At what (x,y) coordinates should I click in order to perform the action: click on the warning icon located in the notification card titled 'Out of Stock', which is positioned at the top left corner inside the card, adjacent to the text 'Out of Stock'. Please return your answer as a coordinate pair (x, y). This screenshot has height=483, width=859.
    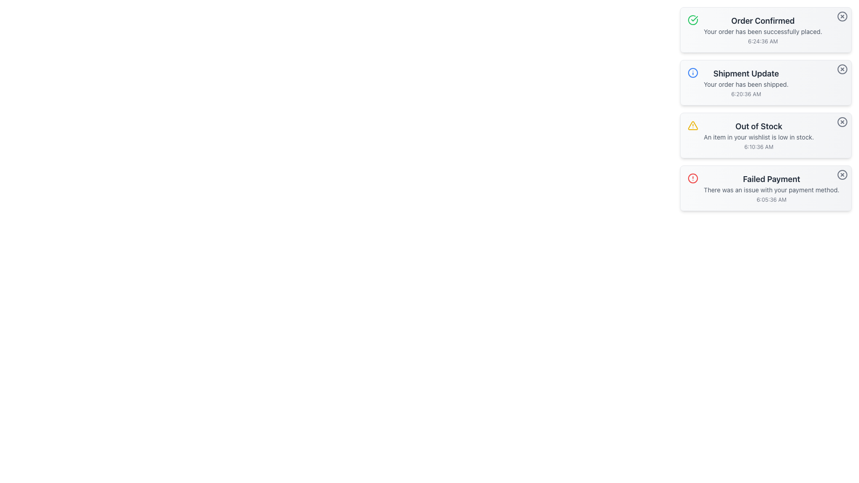
    Looking at the image, I should click on (693, 126).